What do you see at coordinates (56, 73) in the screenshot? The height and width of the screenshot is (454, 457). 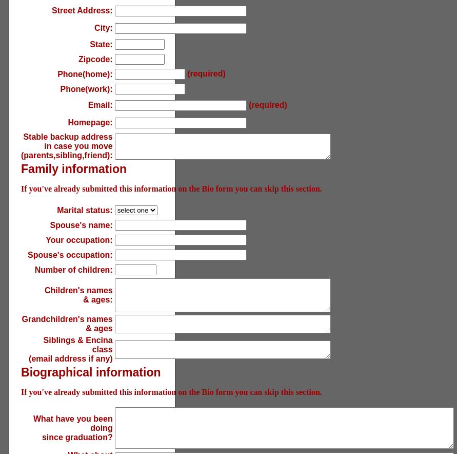 I see `'Phone(home):'` at bounding box center [56, 73].